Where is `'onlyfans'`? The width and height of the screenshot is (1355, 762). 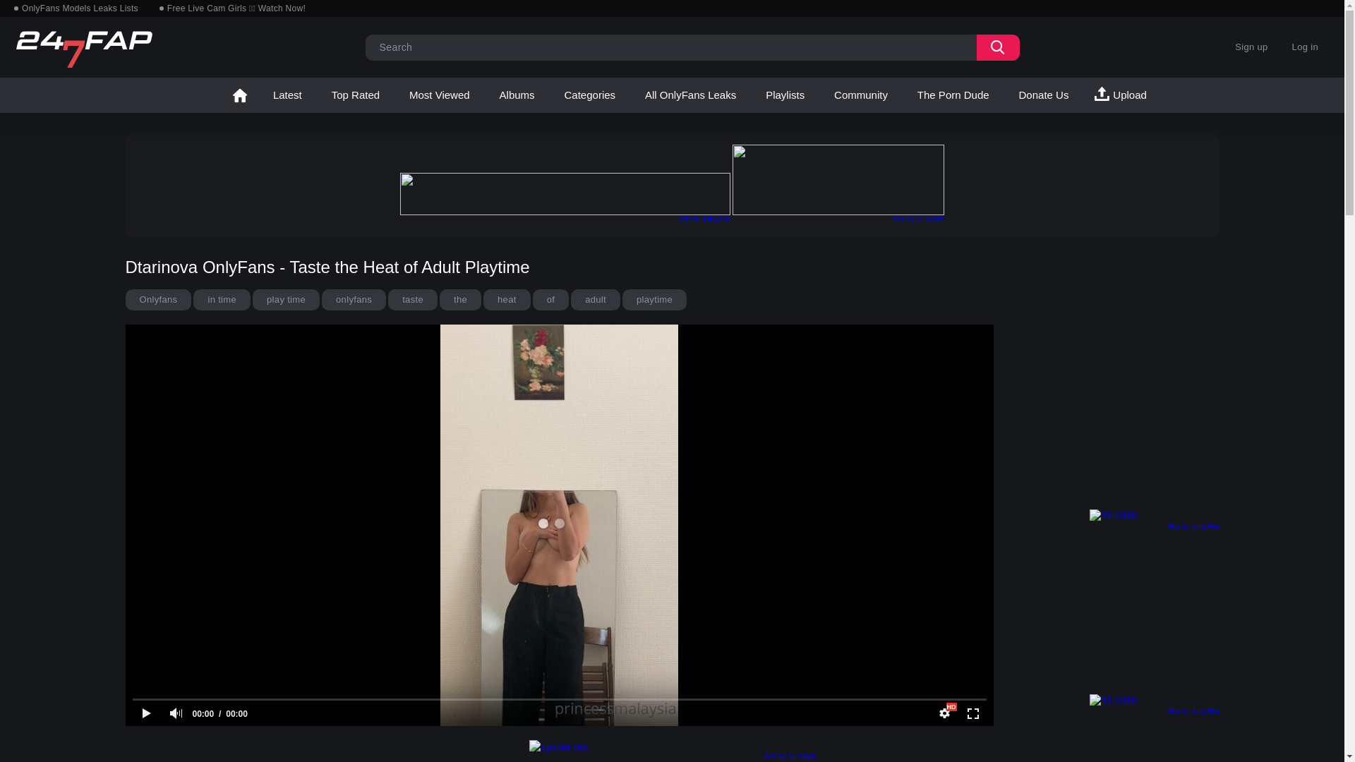
'onlyfans' is located at coordinates (354, 298).